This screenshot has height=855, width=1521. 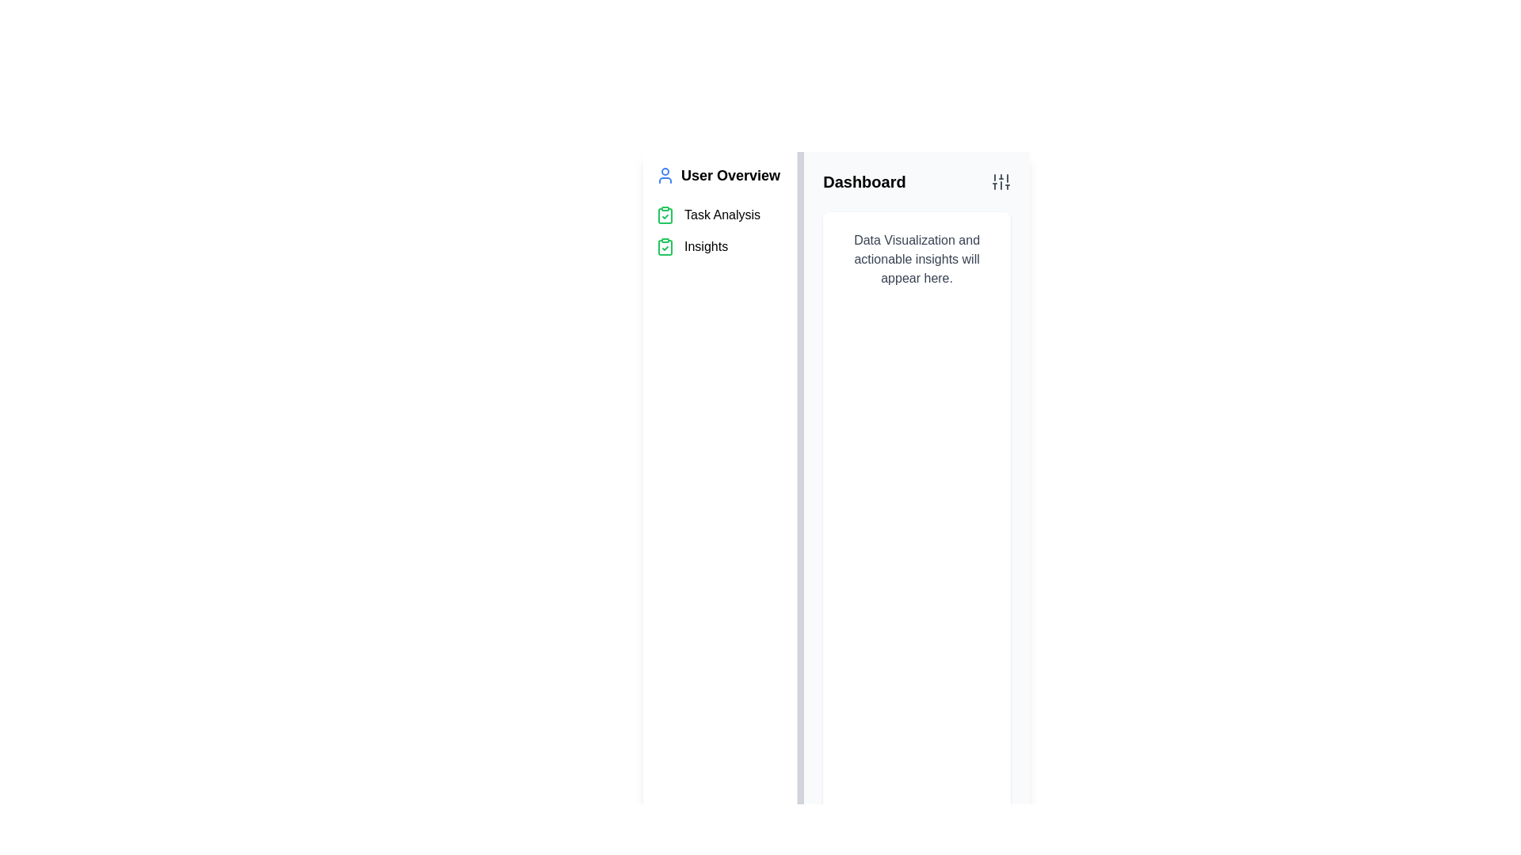 I want to click on header text element located in the top-left section of the main content area, which indicates the current view or page, so click(x=863, y=181).